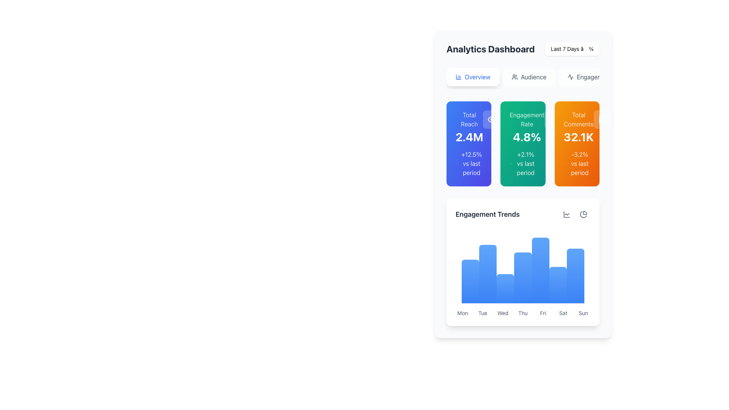 The width and height of the screenshot is (729, 410). I want to click on the text block displaying 'Total Comments' and '32.1K' within the orange box located in the top-right corner of the dashboard interface, so click(577, 127).